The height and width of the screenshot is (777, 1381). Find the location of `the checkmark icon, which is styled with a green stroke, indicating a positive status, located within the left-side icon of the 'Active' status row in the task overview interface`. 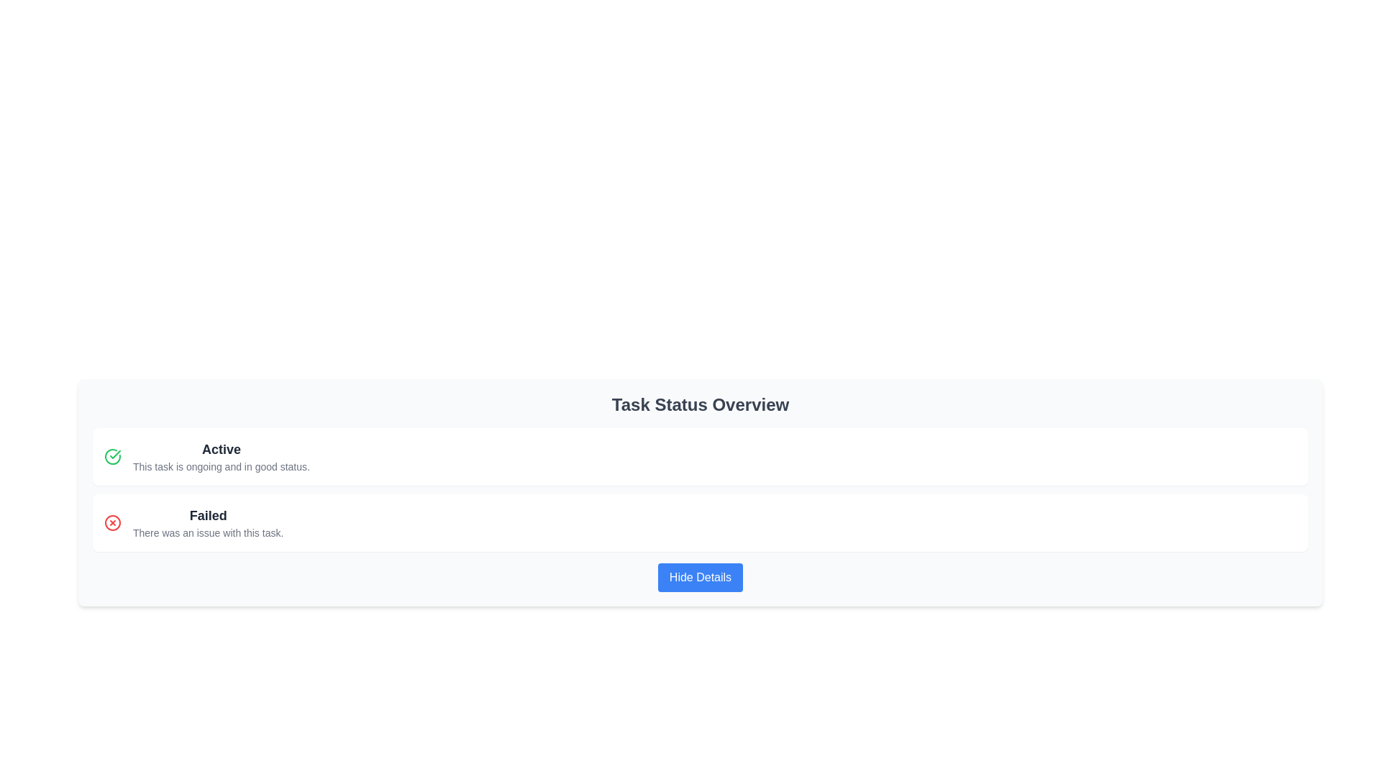

the checkmark icon, which is styled with a green stroke, indicating a positive status, located within the left-side icon of the 'Active' status row in the task overview interface is located at coordinates (115, 455).